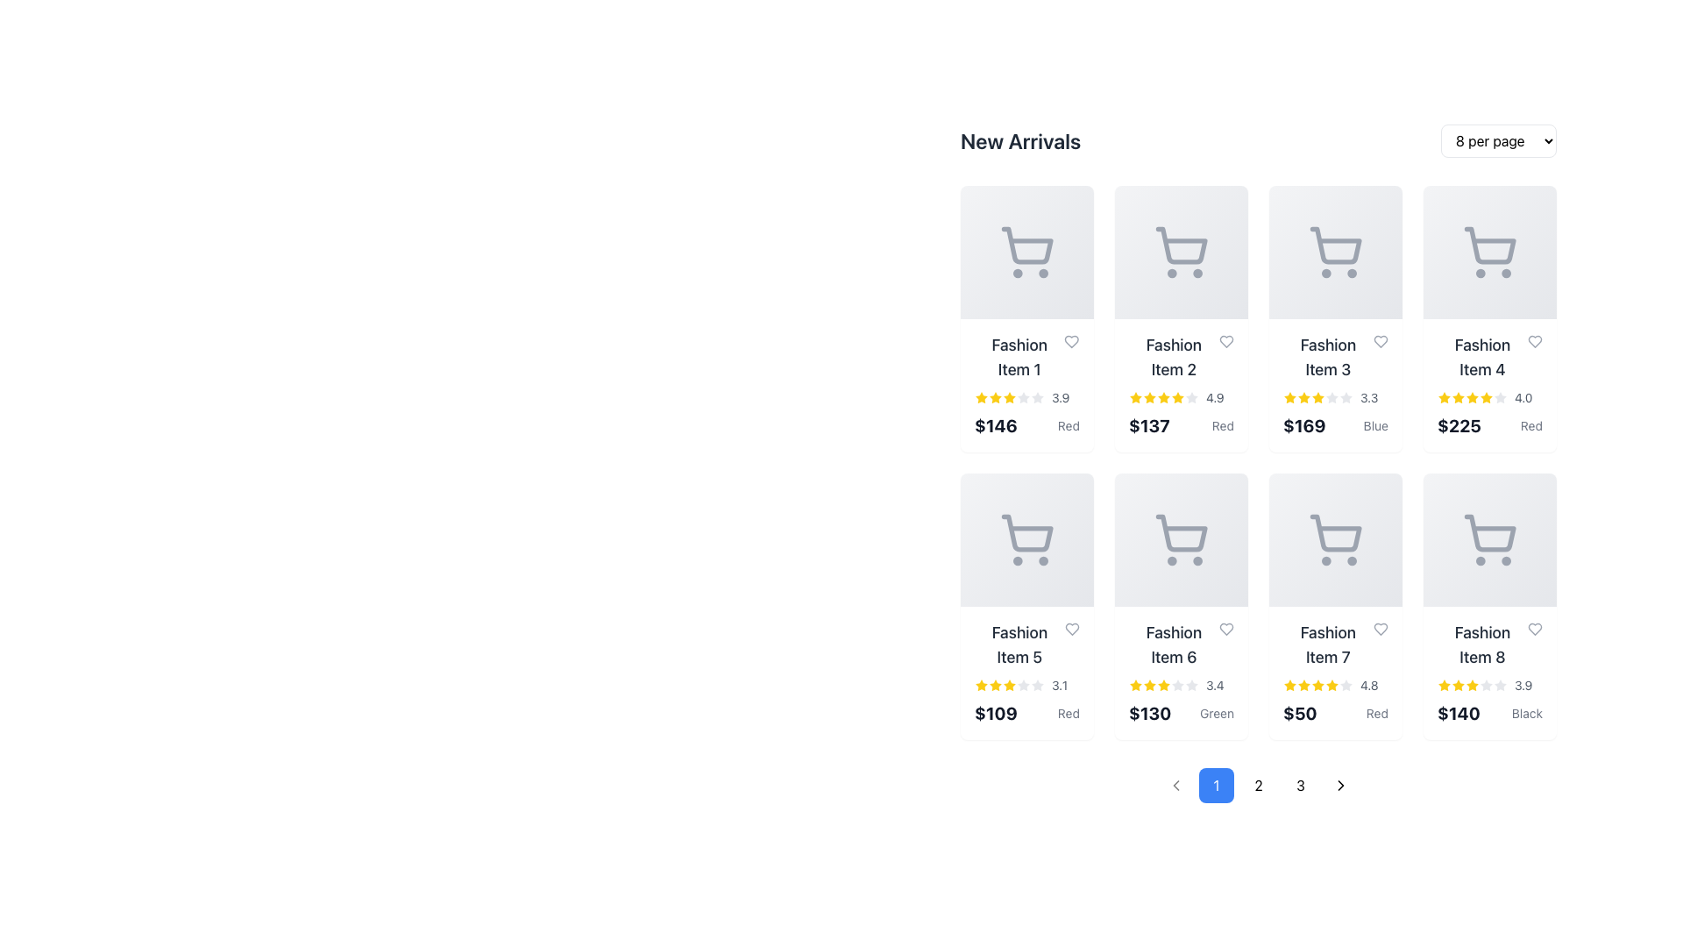 This screenshot has width=1683, height=947. I want to click on the fourth star in the 5-star rating system for 'Fashion Item 3' to rate it, so click(1332, 398).